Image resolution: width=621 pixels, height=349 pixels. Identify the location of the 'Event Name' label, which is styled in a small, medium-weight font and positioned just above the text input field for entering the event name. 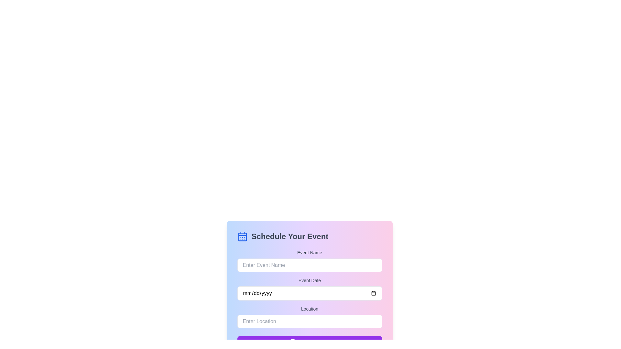
(309, 252).